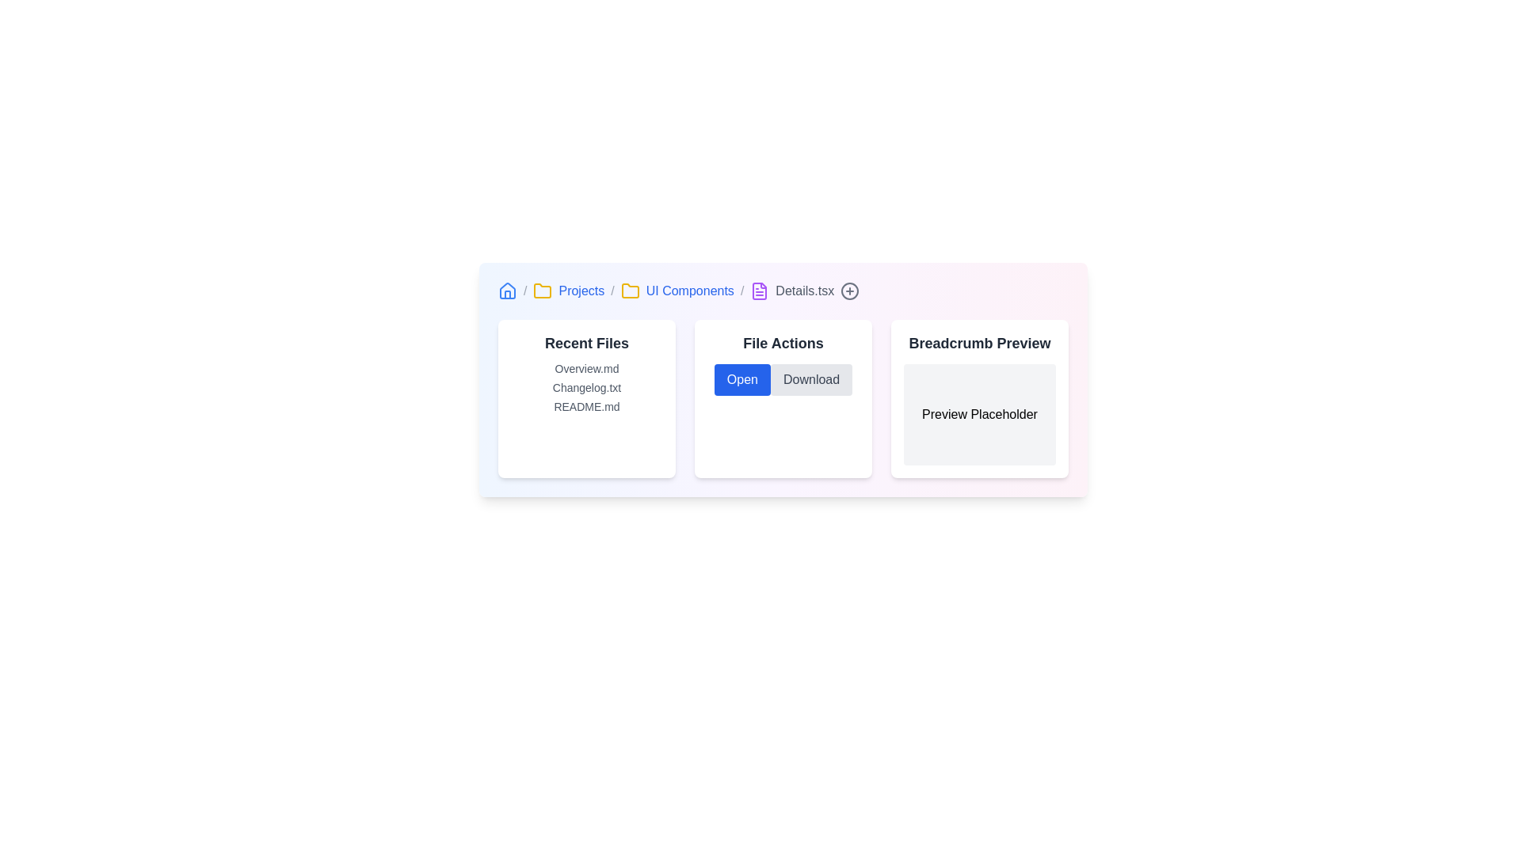  Describe the element at coordinates (741, 291) in the screenshot. I see `the decorative slash element that acts as a separator in the breadcrumb navigation between 'UI Components' and 'Details.tsx'` at that location.